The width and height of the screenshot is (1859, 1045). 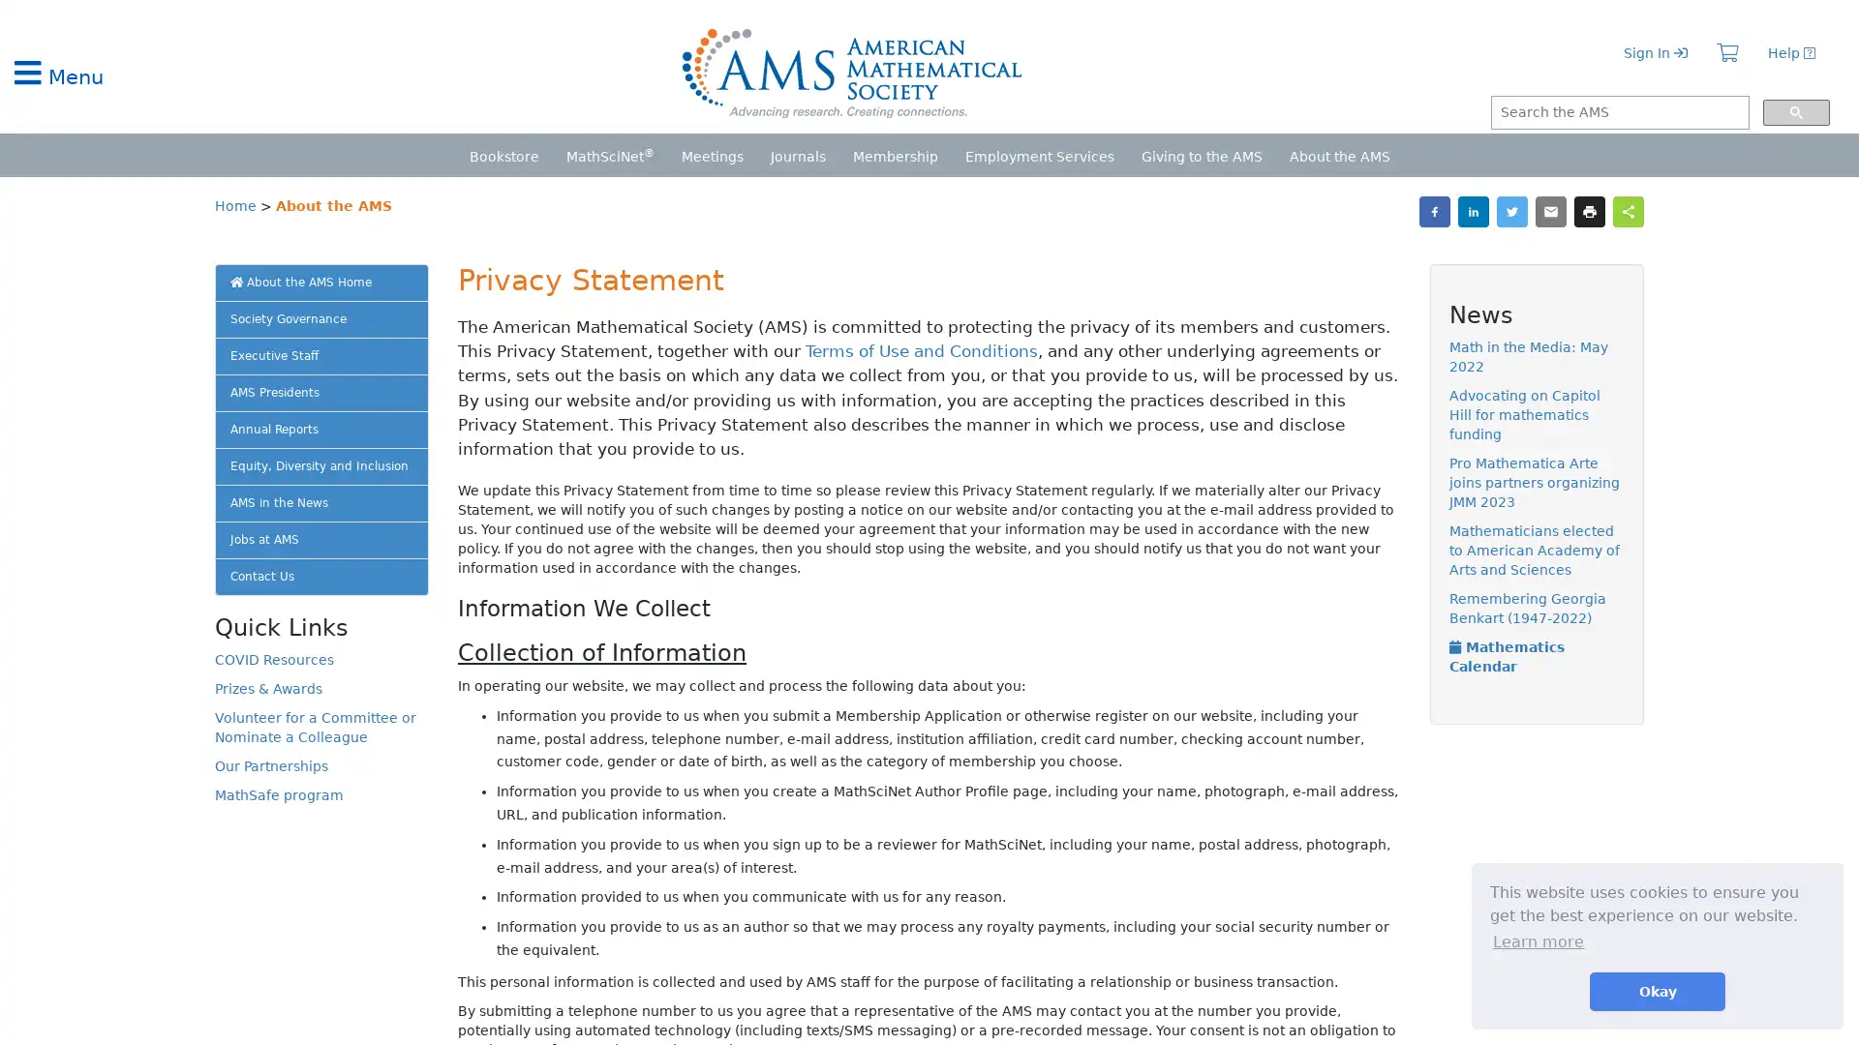 What do you see at coordinates (1537, 940) in the screenshot?
I see `learn more about cookies` at bounding box center [1537, 940].